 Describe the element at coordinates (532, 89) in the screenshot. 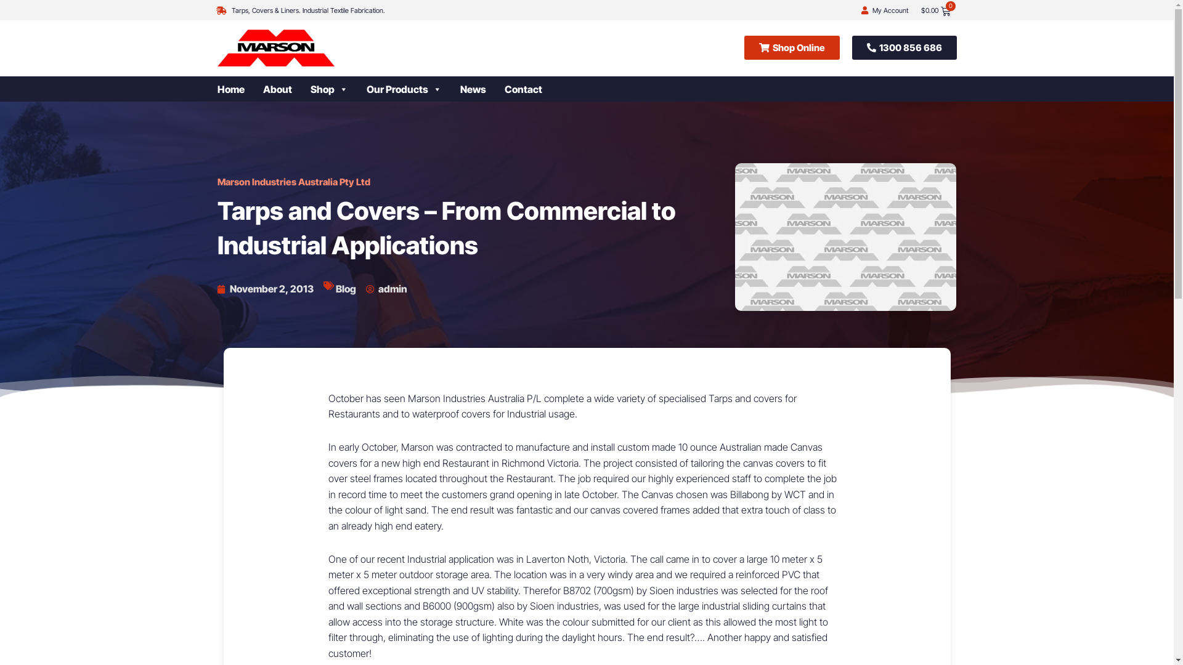

I see `'Contact'` at that location.